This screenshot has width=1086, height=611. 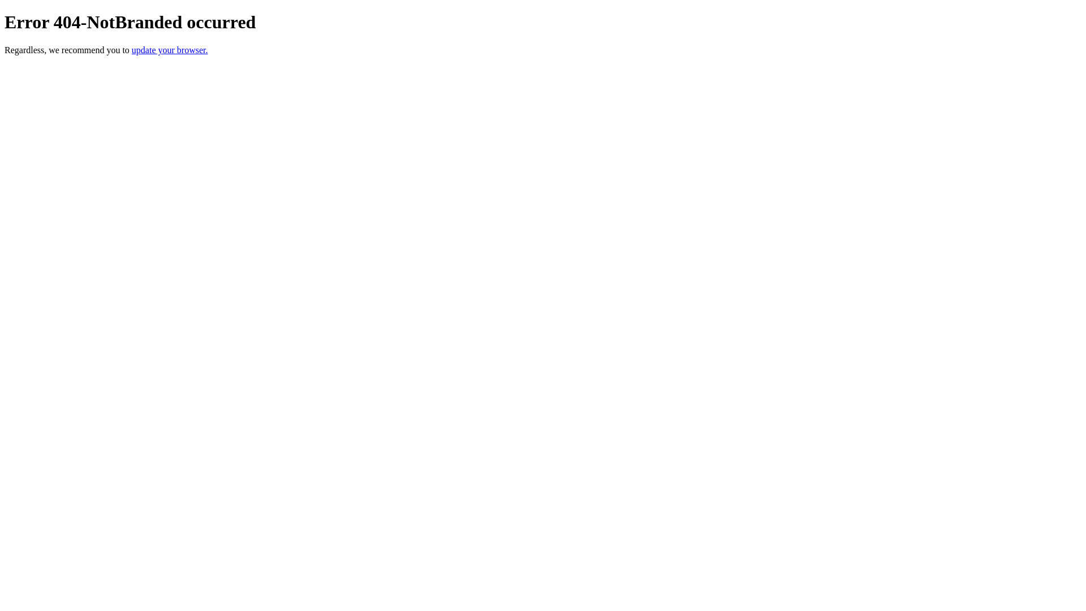 What do you see at coordinates (169, 49) in the screenshot?
I see `'update your browser.'` at bounding box center [169, 49].